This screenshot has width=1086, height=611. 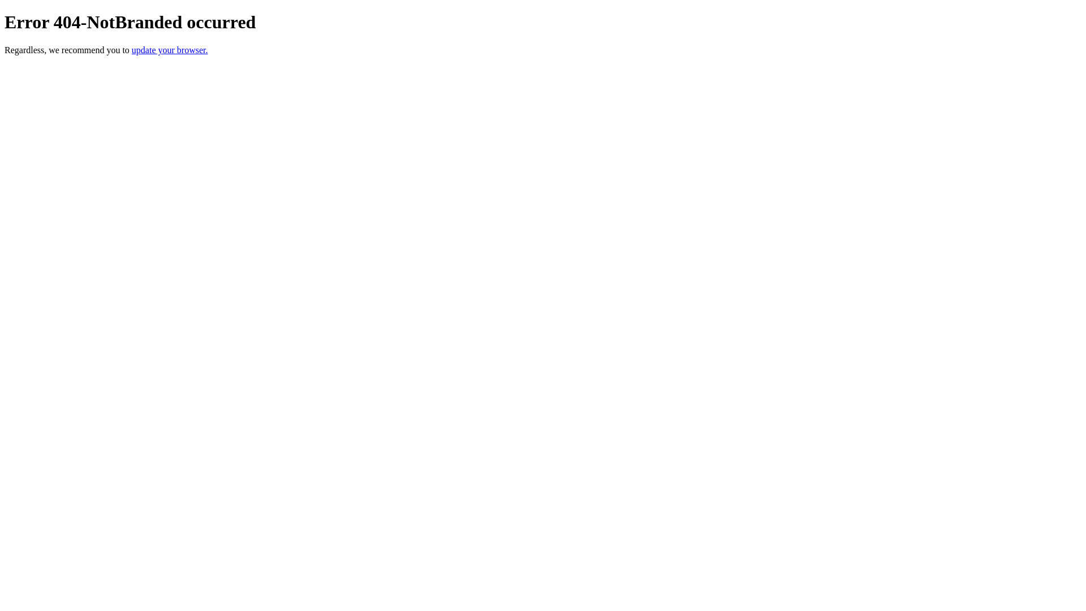 What do you see at coordinates (169, 49) in the screenshot?
I see `'update your browser.'` at bounding box center [169, 49].